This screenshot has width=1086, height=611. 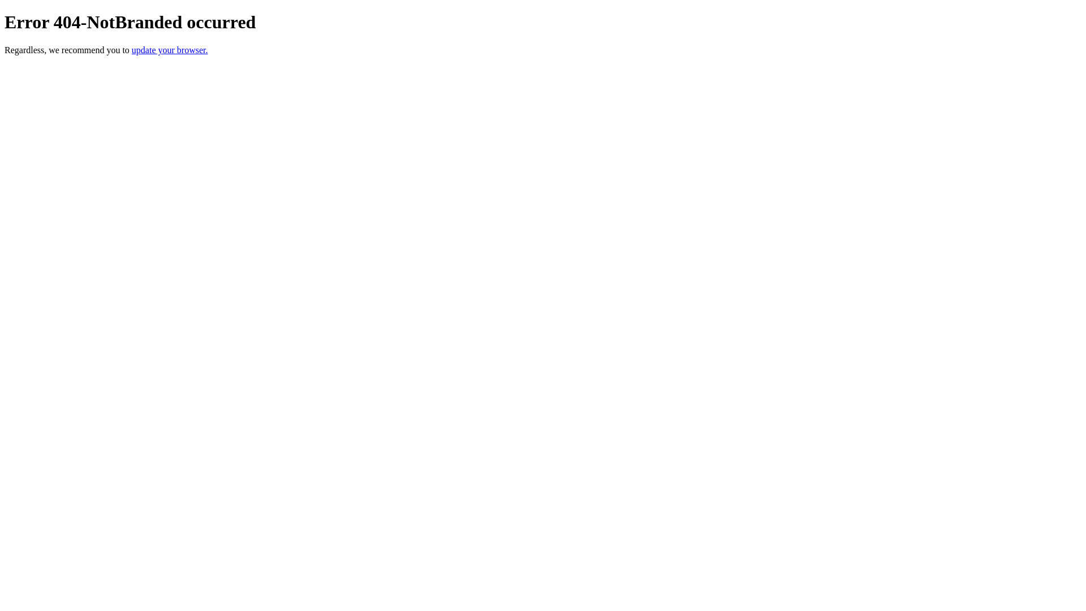 What do you see at coordinates (169, 49) in the screenshot?
I see `'update your browser.'` at bounding box center [169, 49].